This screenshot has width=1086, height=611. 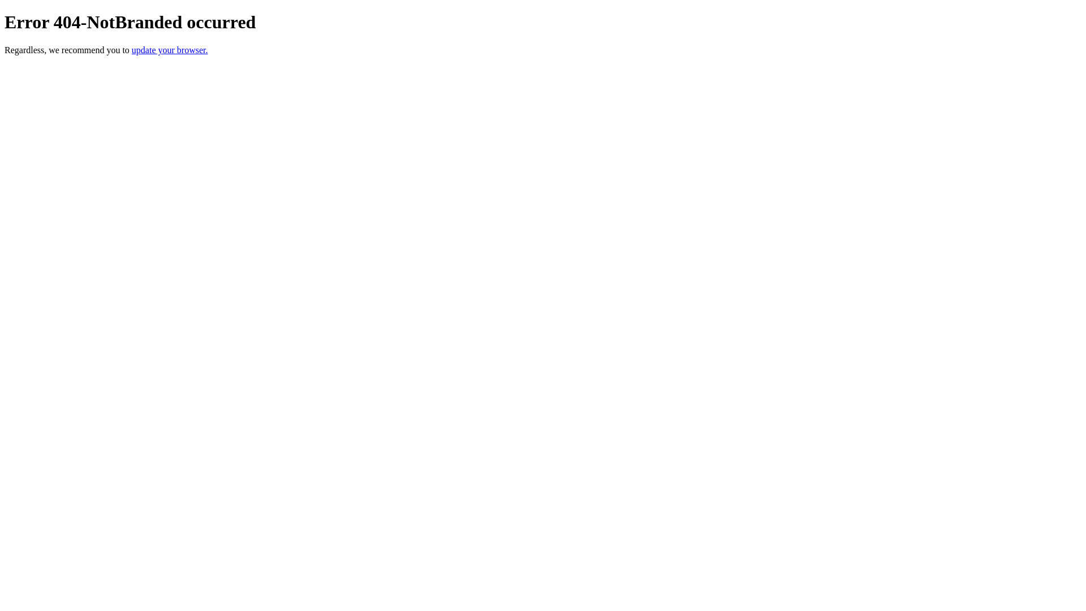 What do you see at coordinates (169, 49) in the screenshot?
I see `'update your browser.'` at bounding box center [169, 49].